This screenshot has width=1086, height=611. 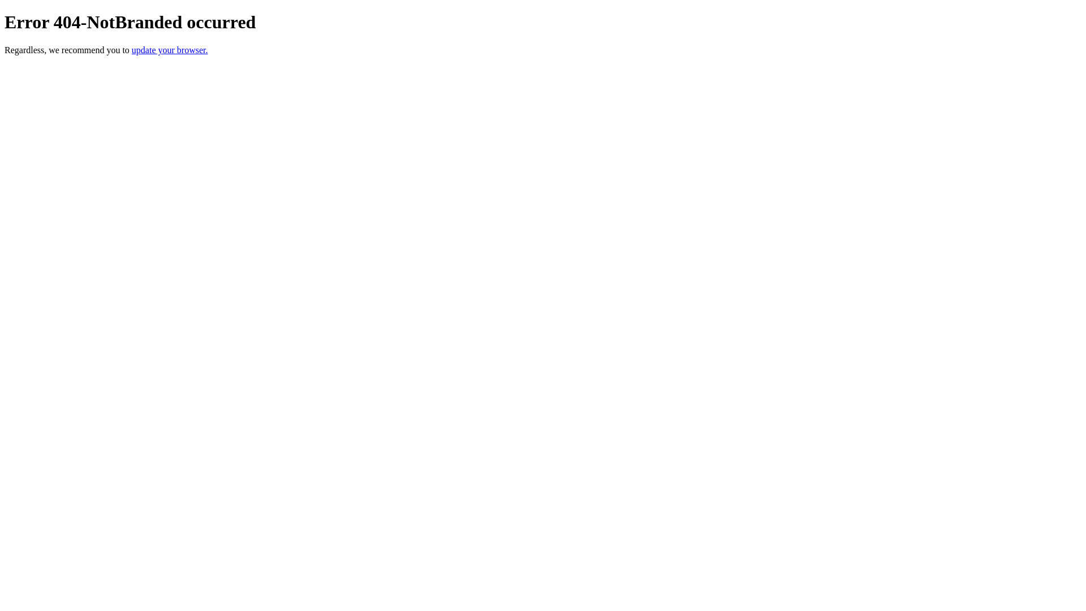 What do you see at coordinates (169, 49) in the screenshot?
I see `'update your browser.'` at bounding box center [169, 49].